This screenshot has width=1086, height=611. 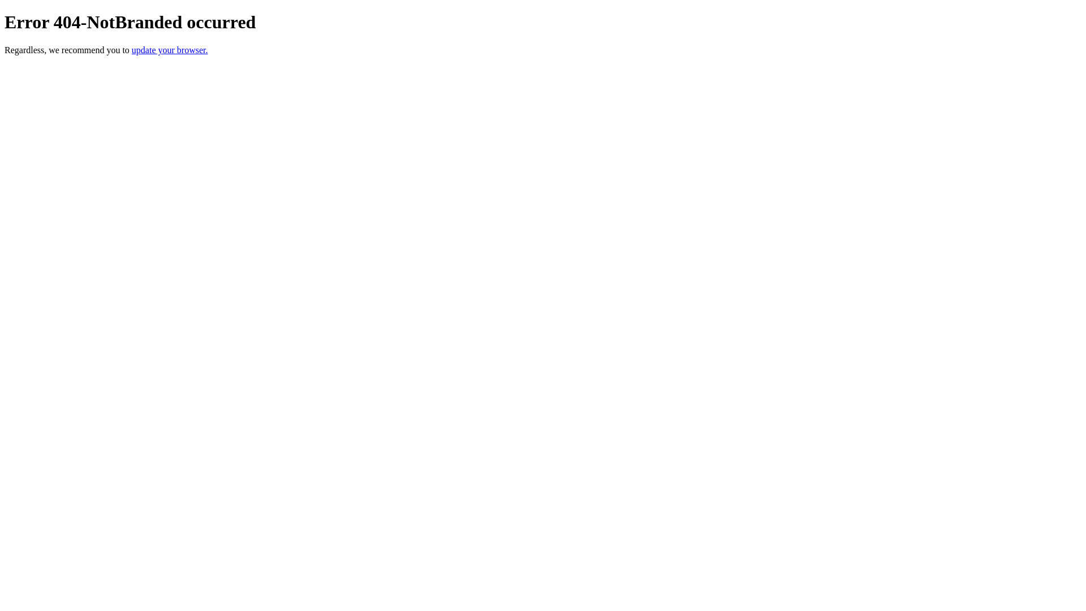 What do you see at coordinates (169, 49) in the screenshot?
I see `'update your browser.'` at bounding box center [169, 49].